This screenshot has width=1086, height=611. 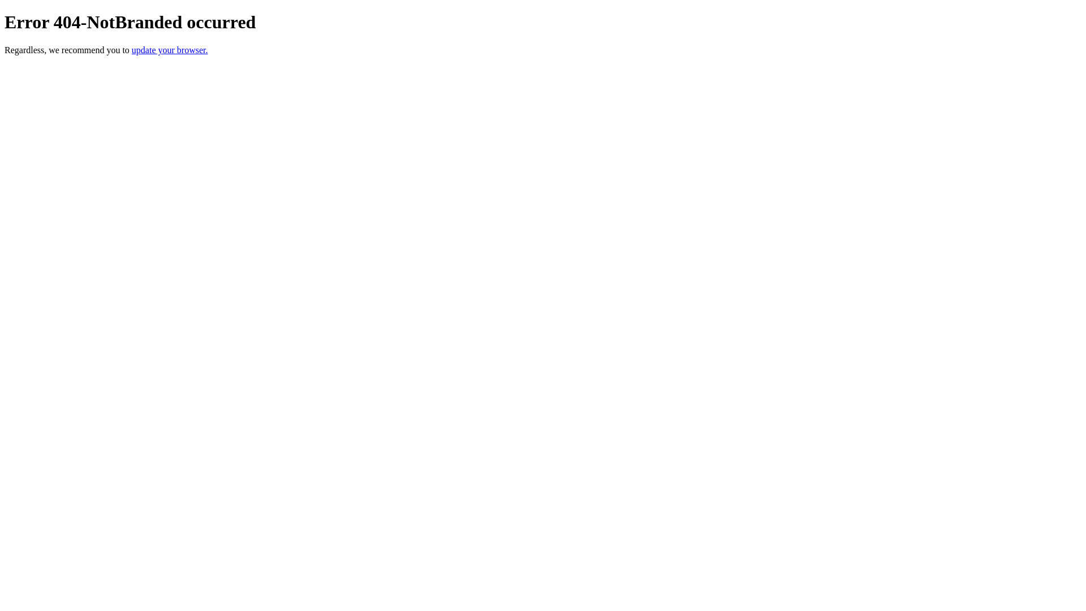 What do you see at coordinates (169, 49) in the screenshot?
I see `'update your browser.'` at bounding box center [169, 49].